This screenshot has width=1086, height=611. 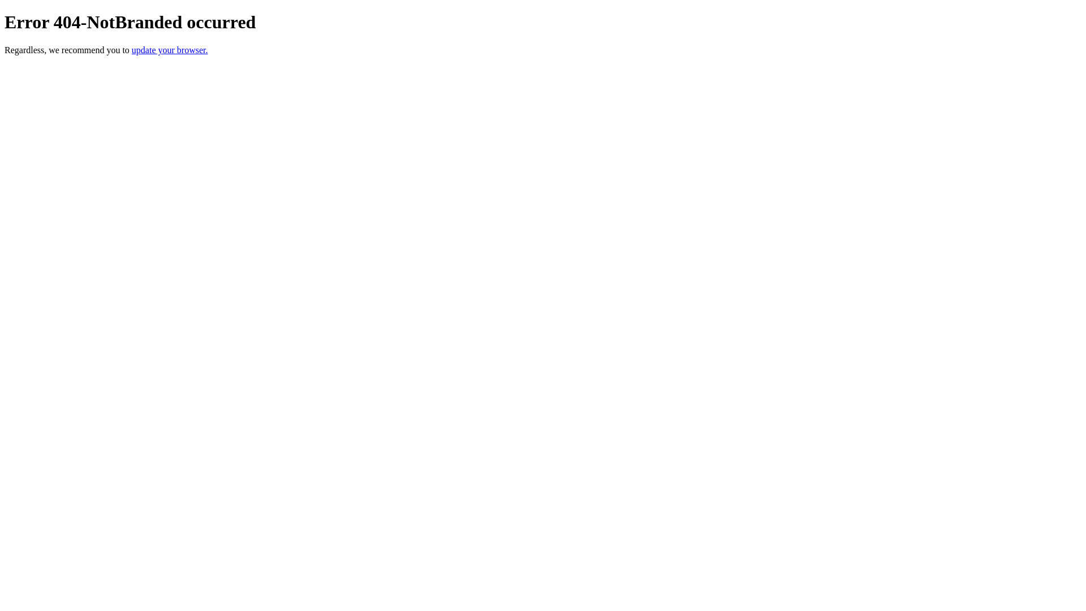 What do you see at coordinates (169, 49) in the screenshot?
I see `'update your browser.'` at bounding box center [169, 49].